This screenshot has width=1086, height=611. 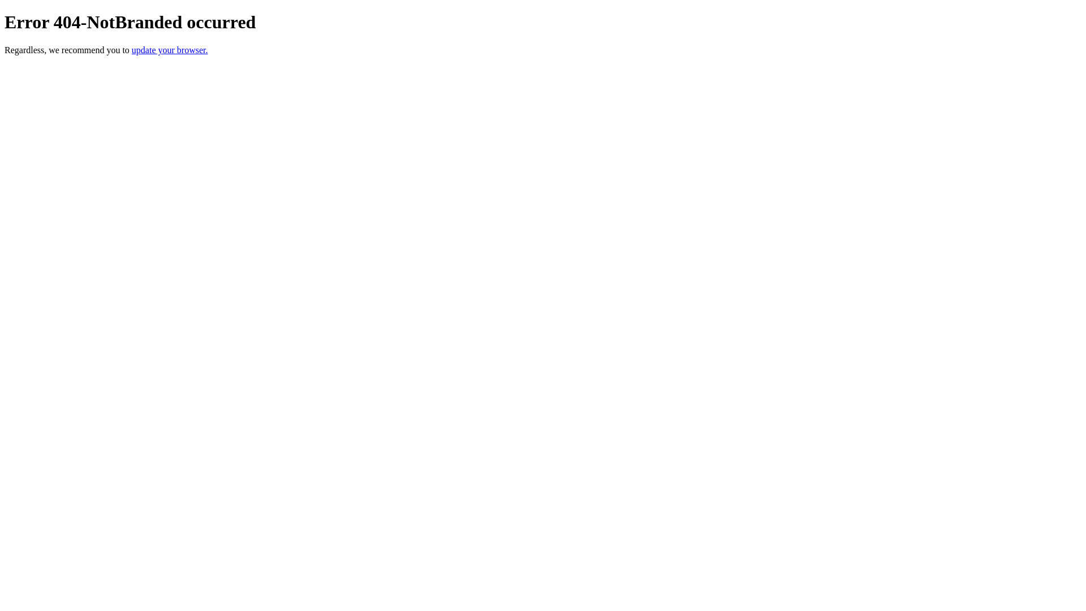 What do you see at coordinates (169, 49) in the screenshot?
I see `'update your browser.'` at bounding box center [169, 49].